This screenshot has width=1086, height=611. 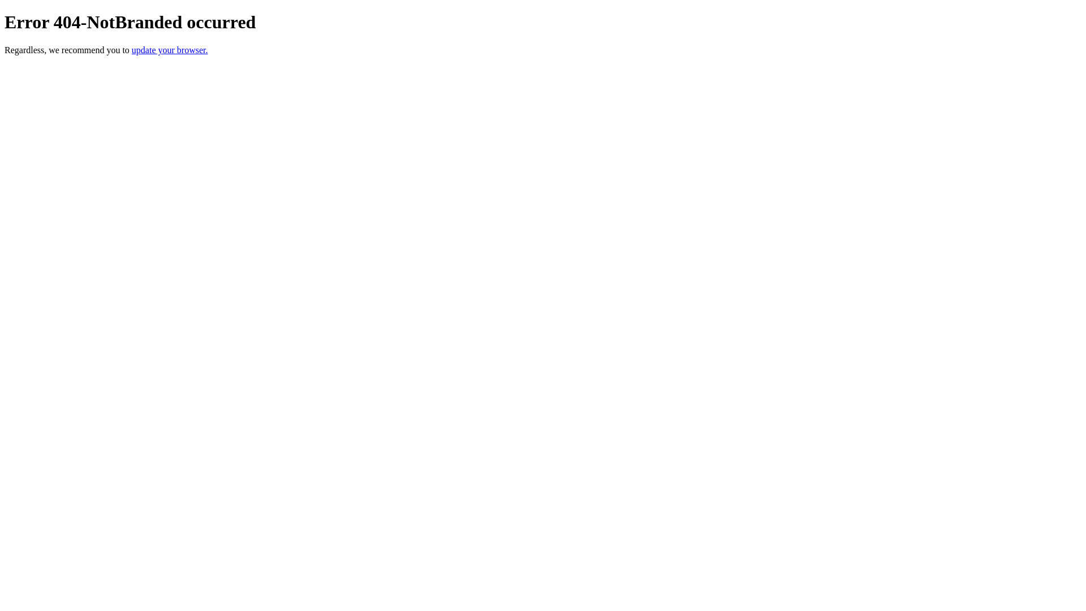 What do you see at coordinates (169, 49) in the screenshot?
I see `'update your browser.'` at bounding box center [169, 49].